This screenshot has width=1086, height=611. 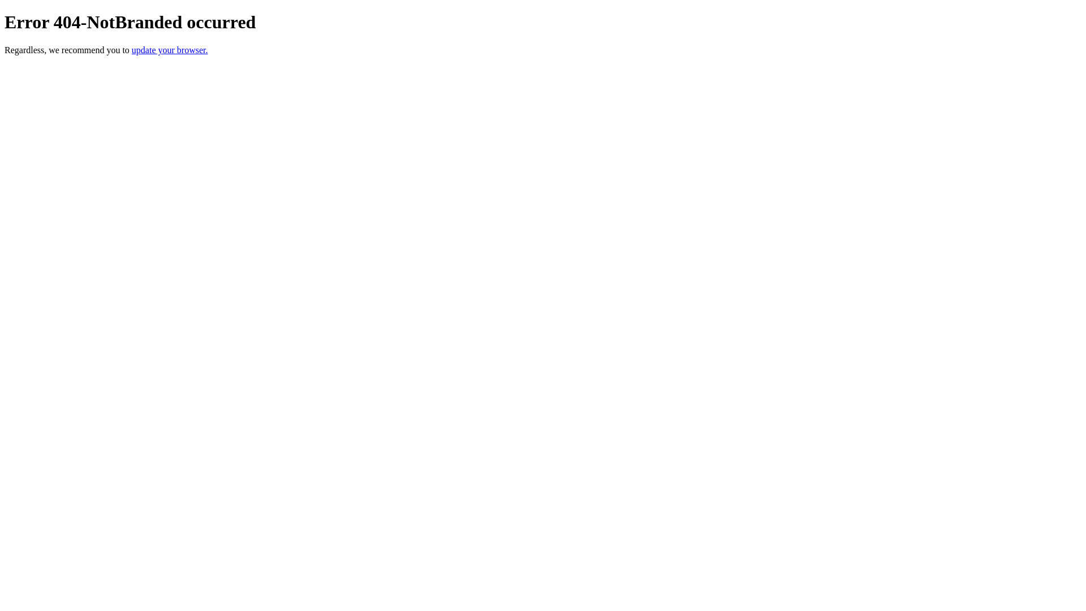 What do you see at coordinates (169, 49) in the screenshot?
I see `'update your browser.'` at bounding box center [169, 49].